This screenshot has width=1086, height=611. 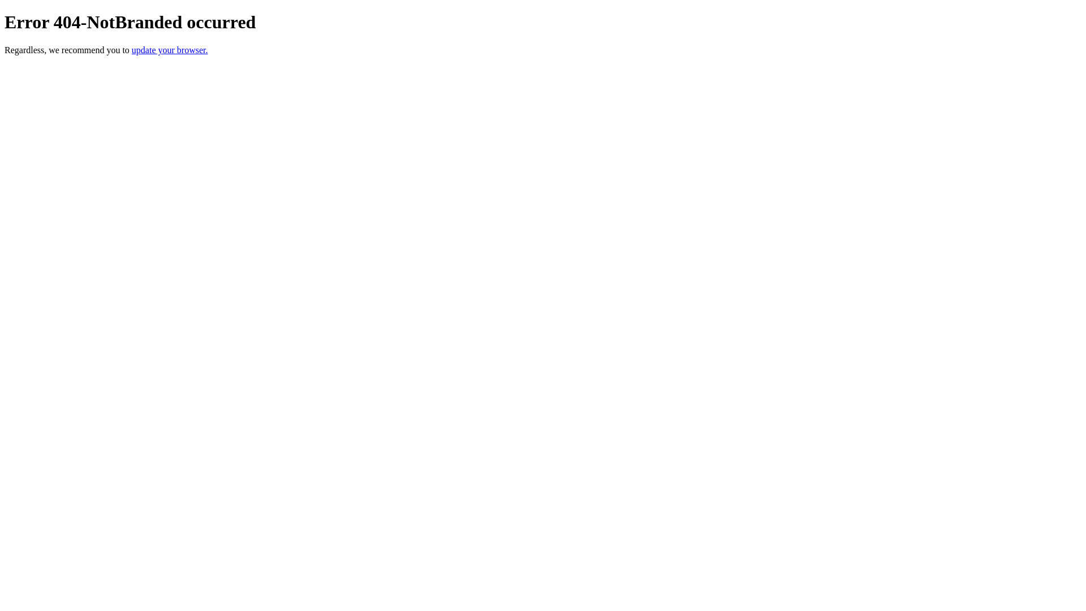 What do you see at coordinates (169, 49) in the screenshot?
I see `'update your browser.'` at bounding box center [169, 49].